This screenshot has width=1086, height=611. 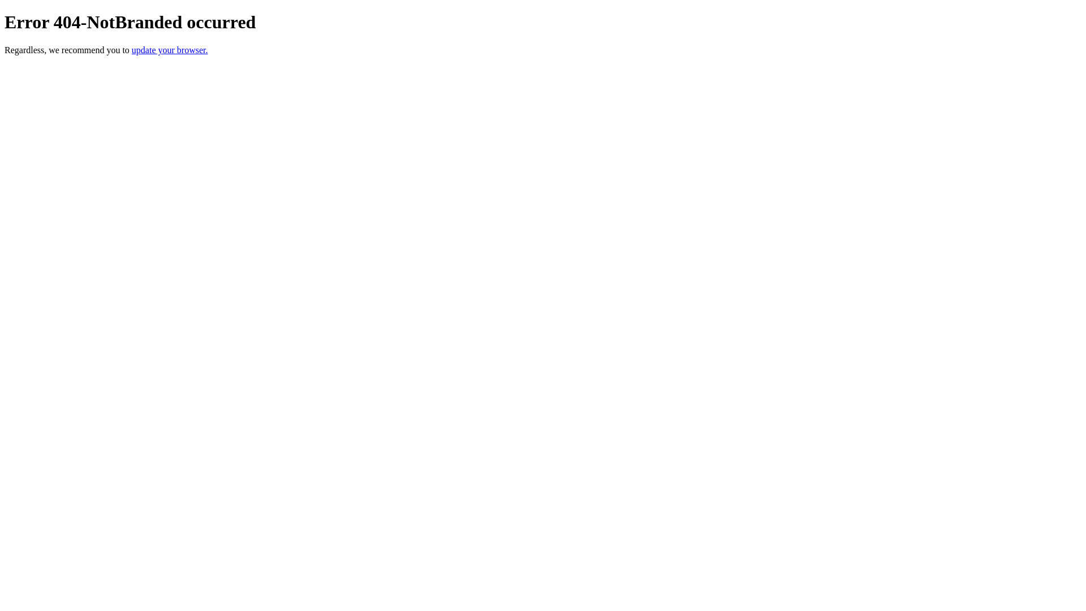 What do you see at coordinates (169, 49) in the screenshot?
I see `'update your browser.'` at bounding box center [169, 49].